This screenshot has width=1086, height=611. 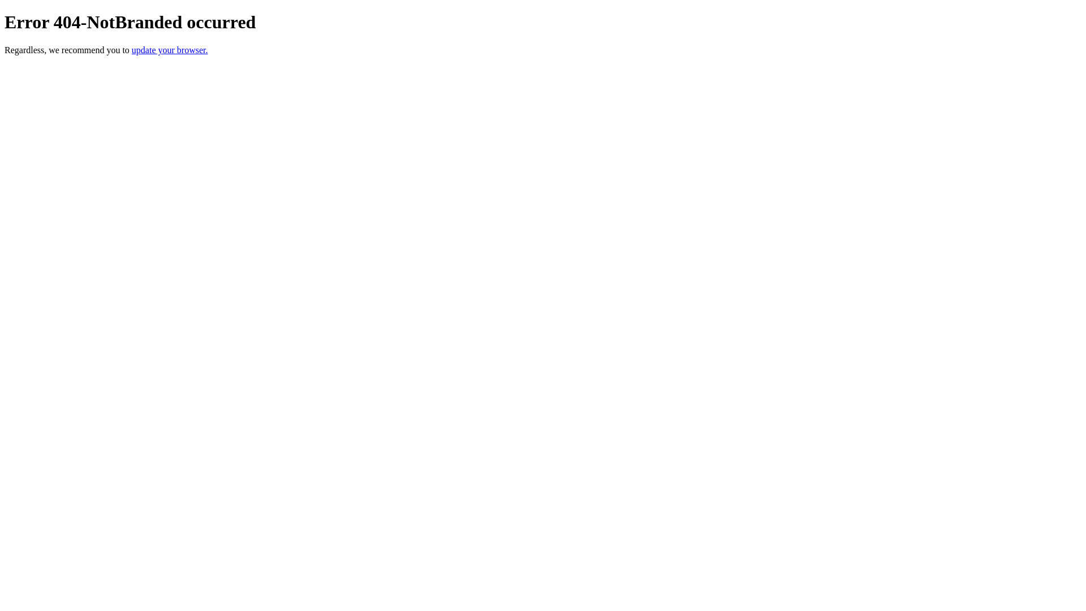 What do you see at coordinates (169, 49) in the screenshot?
I see `'update your browser.'` at bounding box center [169, 49].